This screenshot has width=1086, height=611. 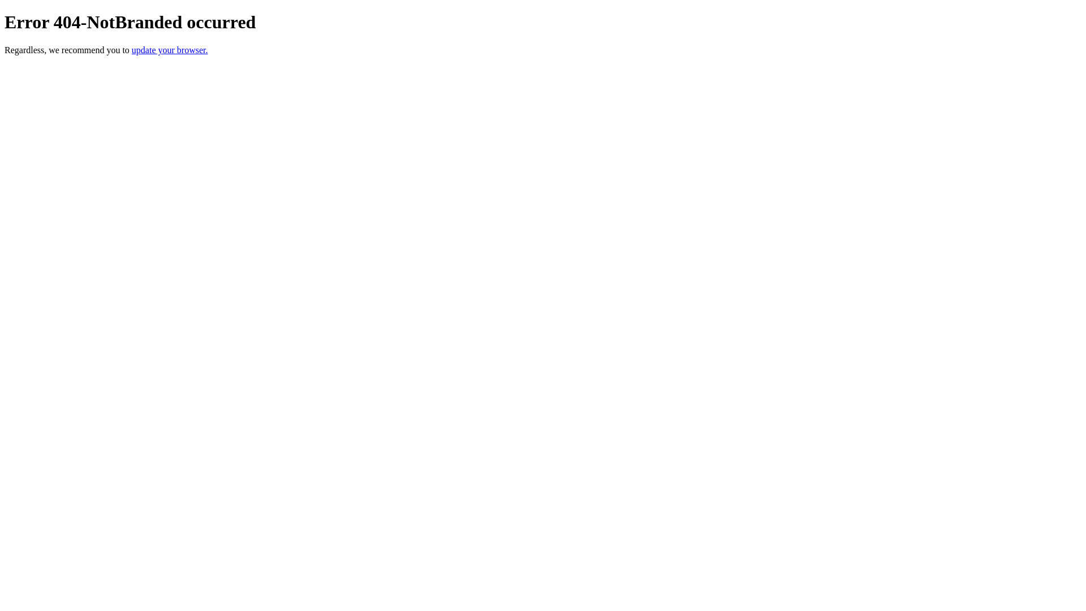 What do you see at coordinates (169, 49) in the screenshot?
I see `'update your browser.'` at bounding box center [169, 49].